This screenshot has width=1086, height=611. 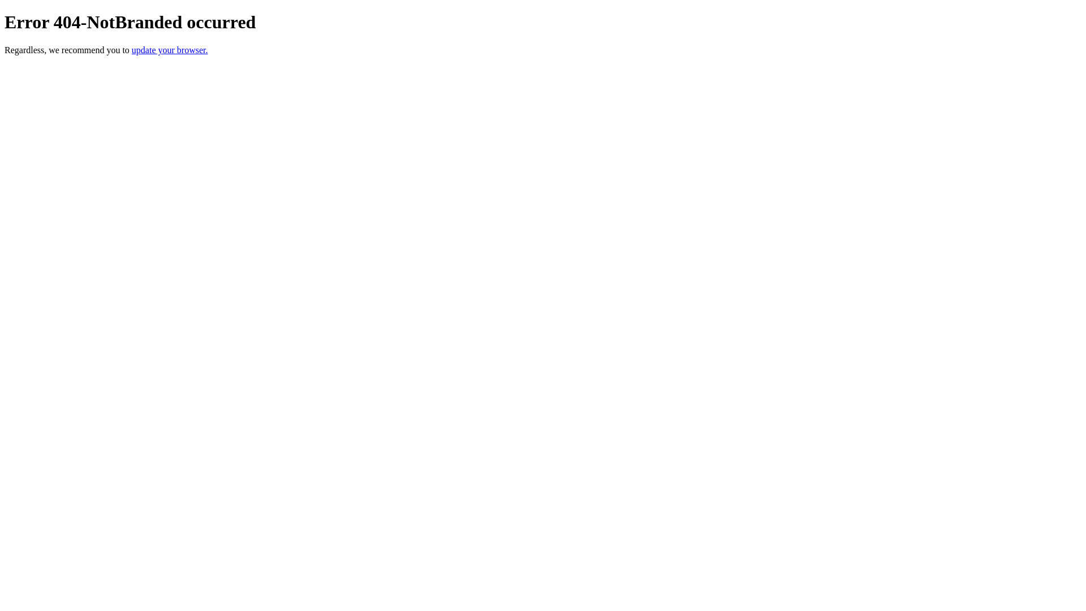 What do you see at coordinates (169, 49) in the screenshot?
I see `'update your browser.'` at bounding box center [169, 49].